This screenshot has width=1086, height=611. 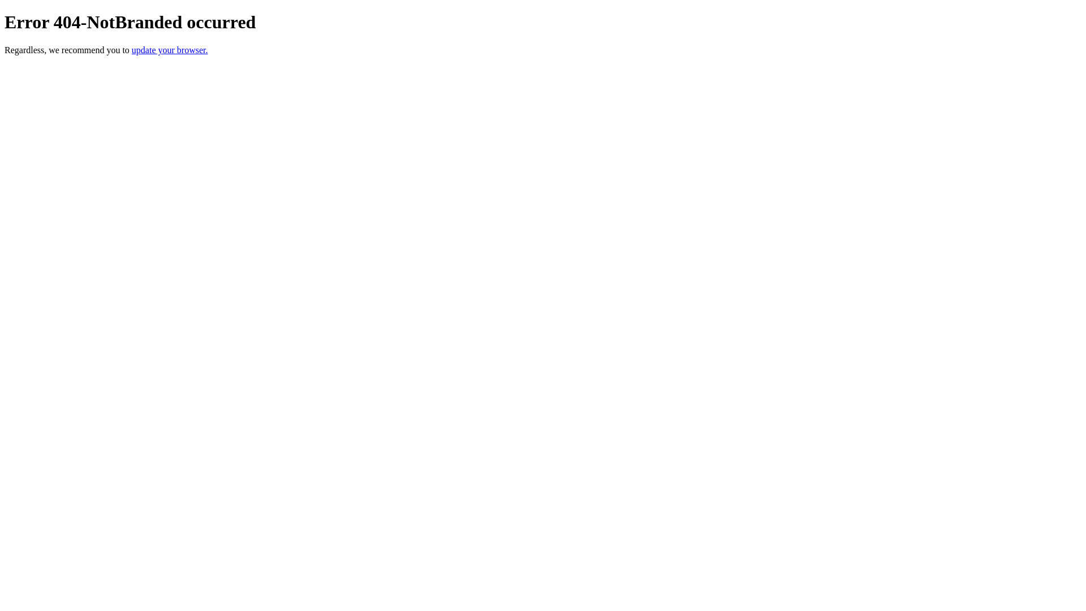 What do you see at coordinates (169, 49) in the screenshot?
I see `'update your browser.'` at bounding box center [169, 49].